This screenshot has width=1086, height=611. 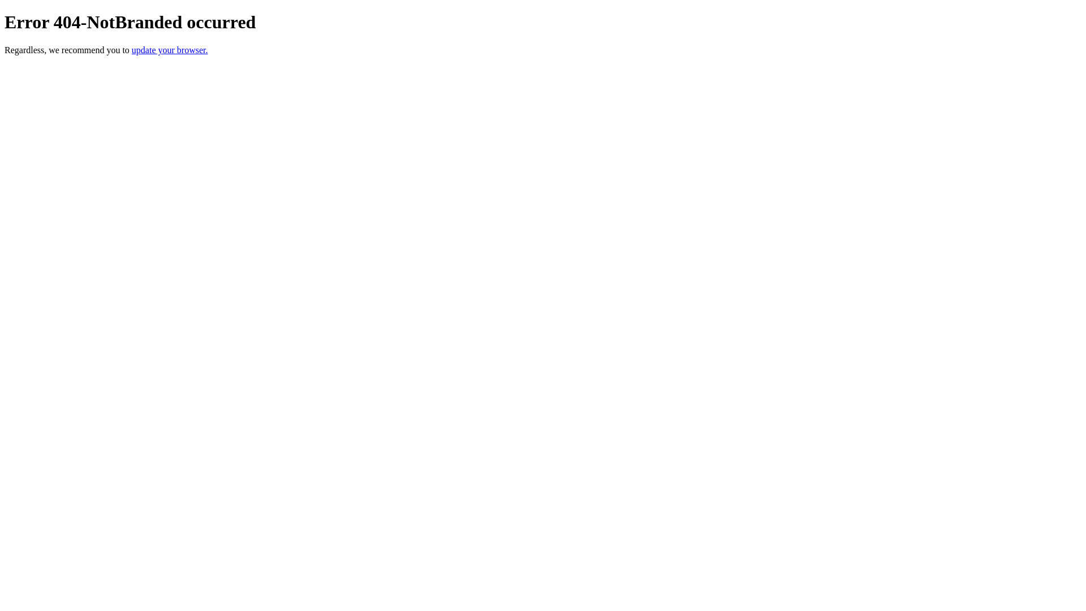 What do you see at coordinates (169, 49) in the screenshot?
I see `'update your browser.'` at bounding box center [169, 49].